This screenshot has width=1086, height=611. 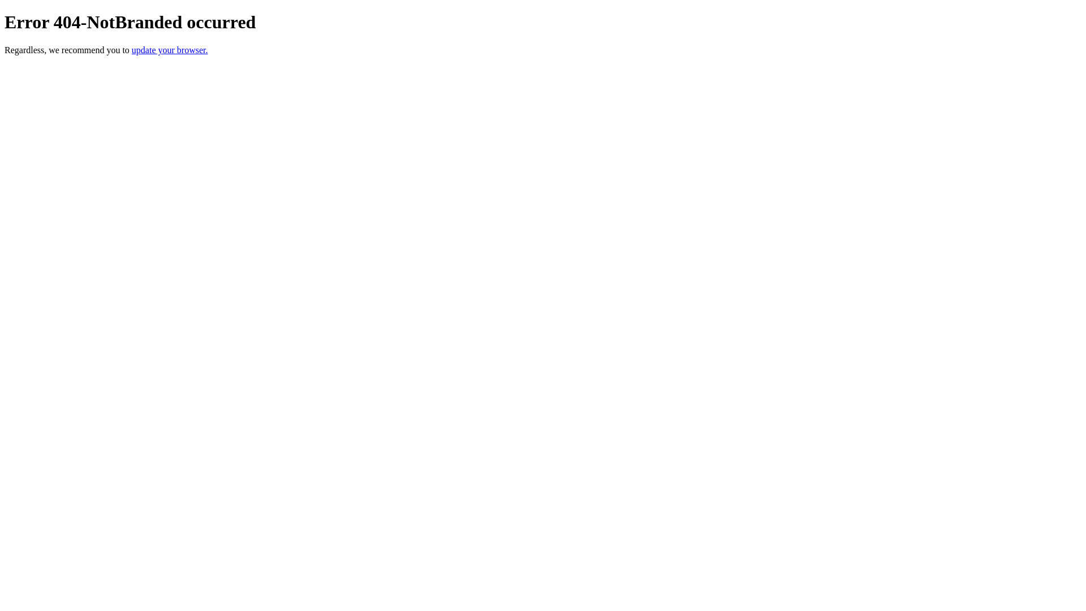 What do you see at coordinates (169, 49) in the screenshot?
I see `'update your browser.'` at bounding box center [169, 49].